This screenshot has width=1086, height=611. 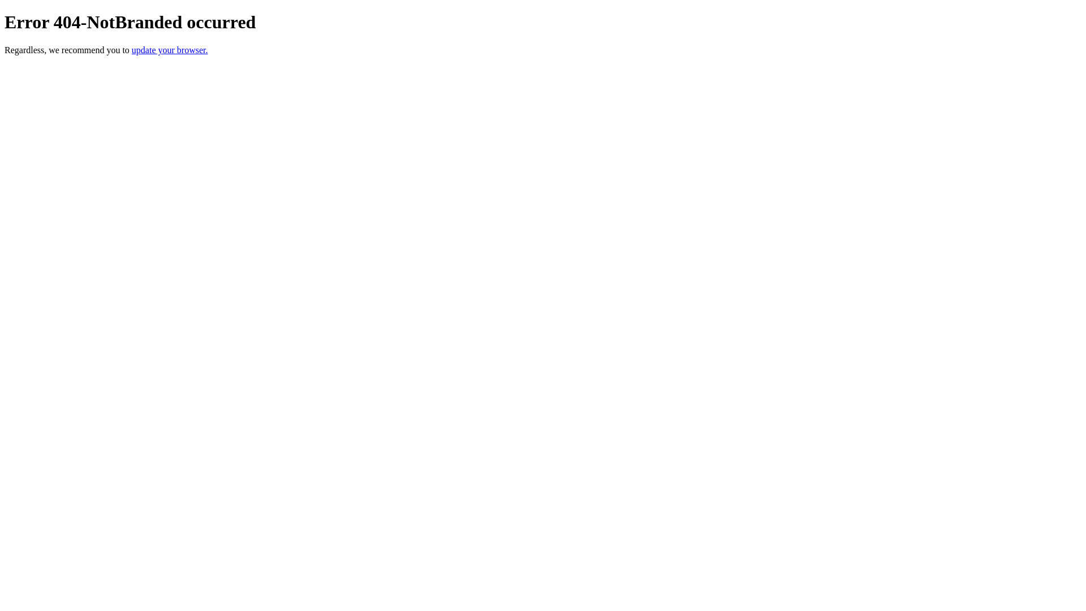 What do you see at coordinates (169, 49) in the screenshot?
I see `'update your browser.'` at bounding box center [169, 49].